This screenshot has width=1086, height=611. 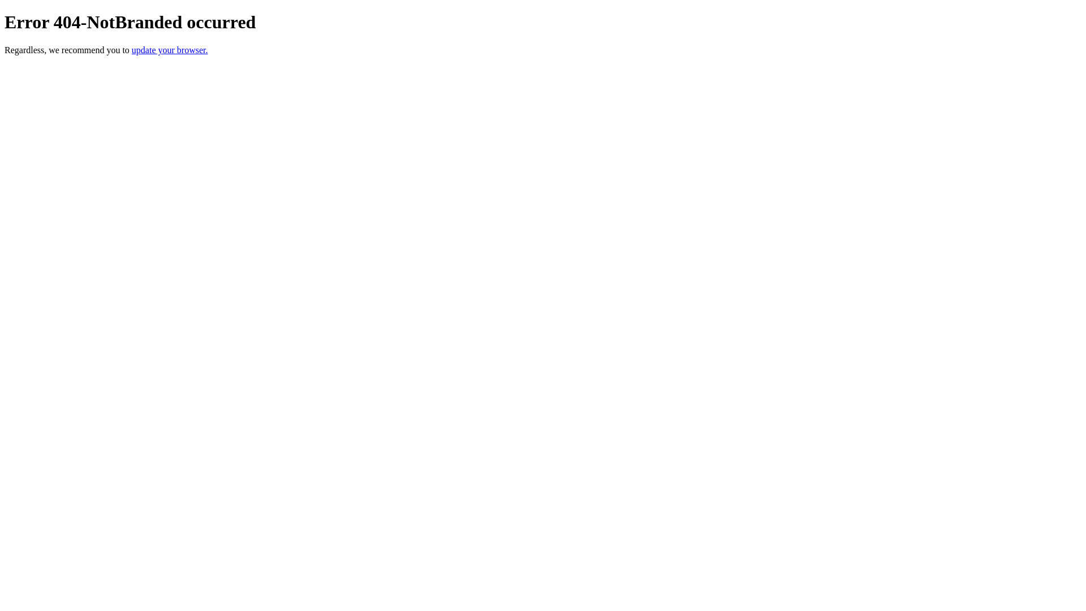 What do you see at coordinates (169, 49) in the screenshot?
I see `'update your browser.'` at bounding box center [169, 49].